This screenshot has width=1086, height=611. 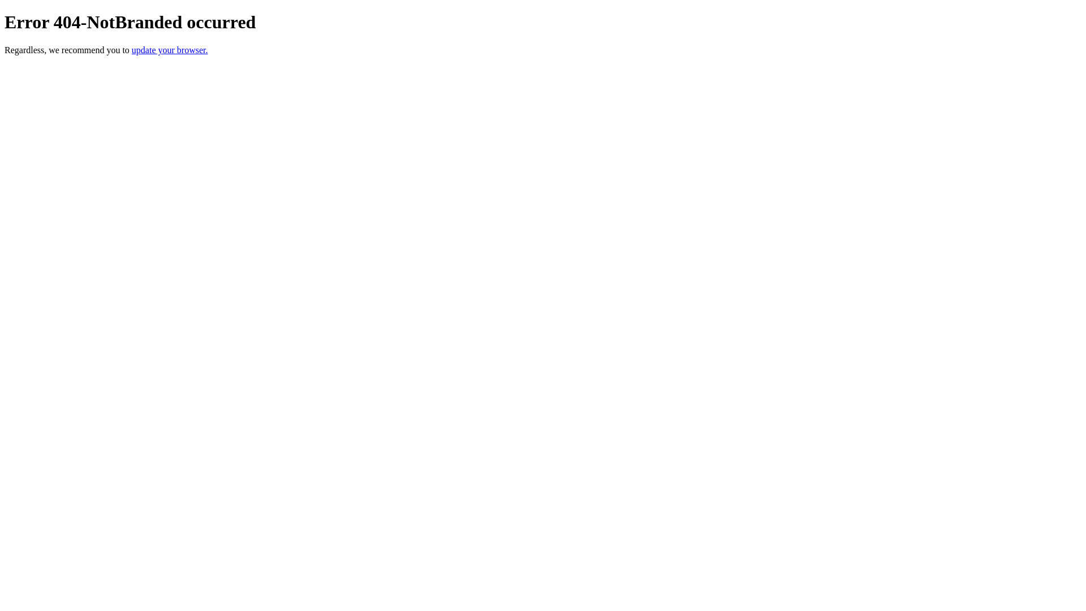 What do you see at coordinates (169, 49) in the screenshot?
I see `'update your browser.'` at bounding box center [169, 49].